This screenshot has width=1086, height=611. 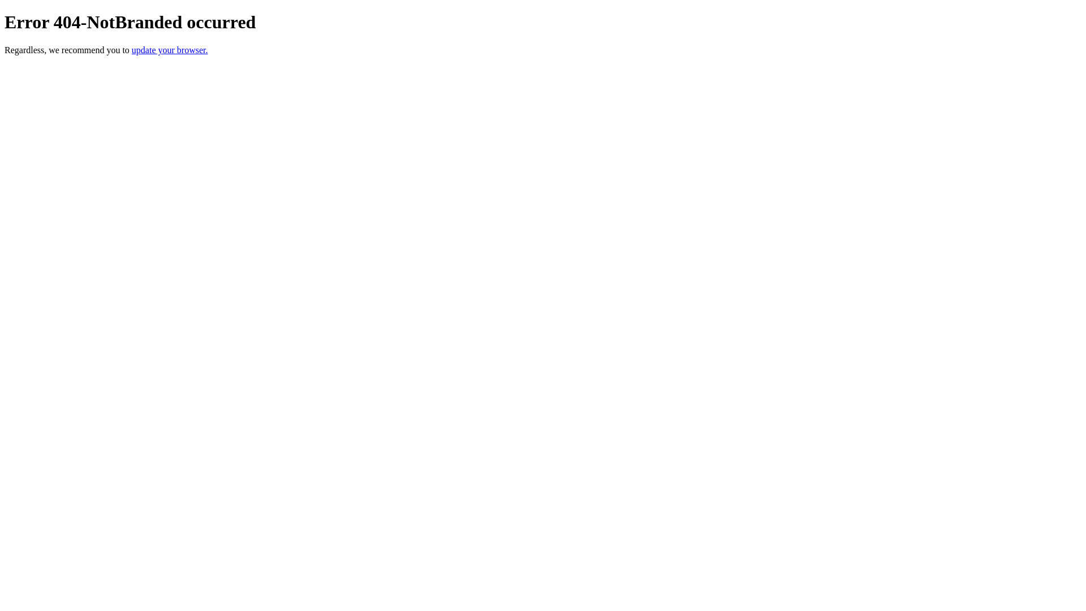 What do you see at coordinates (169, 49) in the screenshot?
I see `'update your browser.'` at bounding box center [169, 49].